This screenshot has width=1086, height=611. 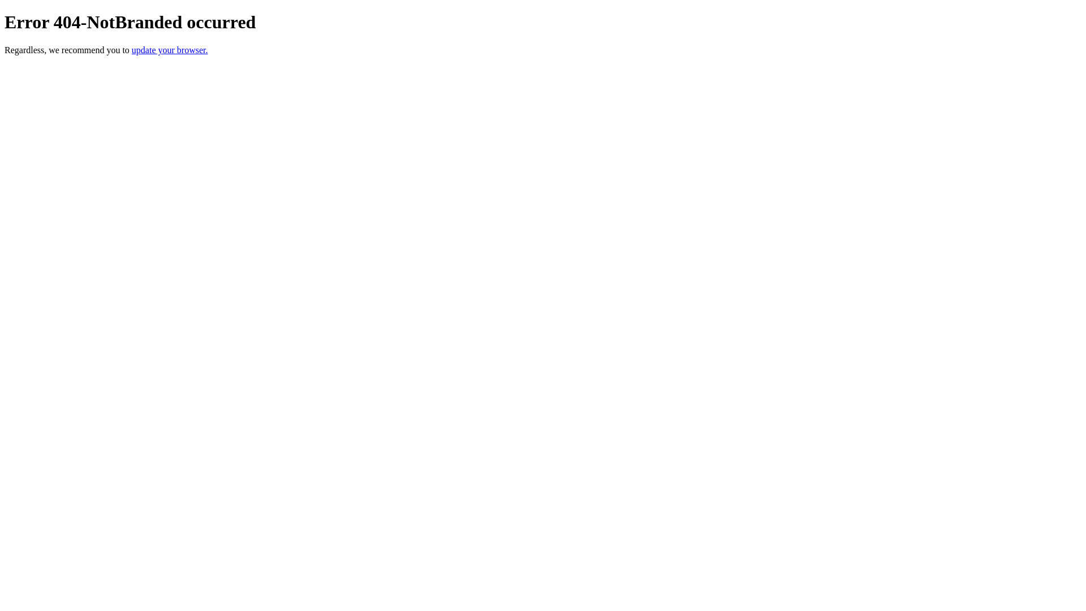 What do you see at coordinates (169, 49) in the screenshot?
I see `'update your browser.'` at bounding box center [169, 49].